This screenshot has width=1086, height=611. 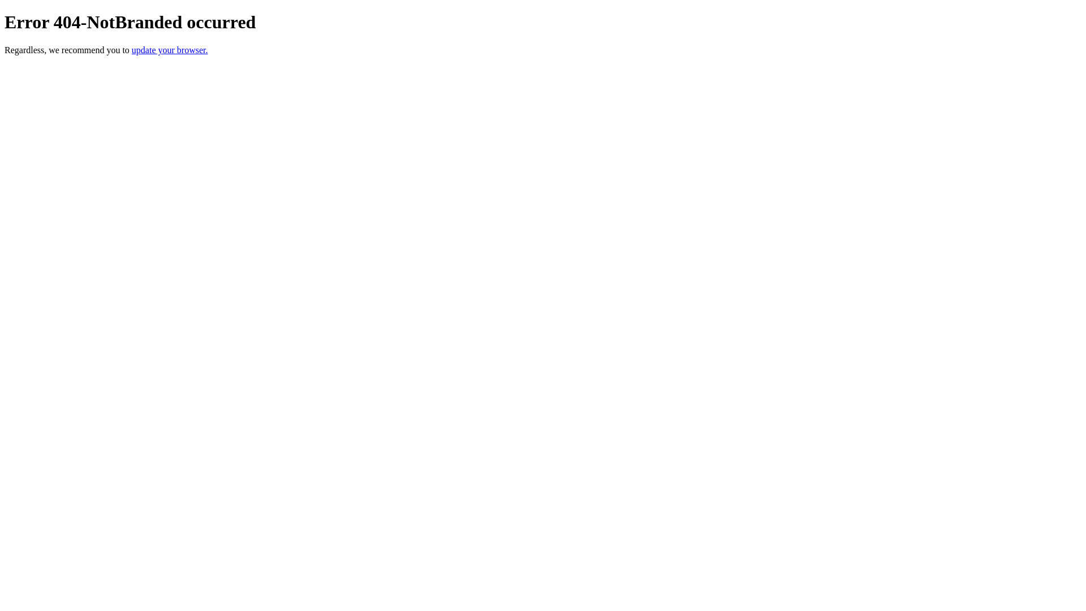 What do you see at coordinates (169, 49) in the screenshot?
I see `'update your browser.'` at bounding box center [169, 49].